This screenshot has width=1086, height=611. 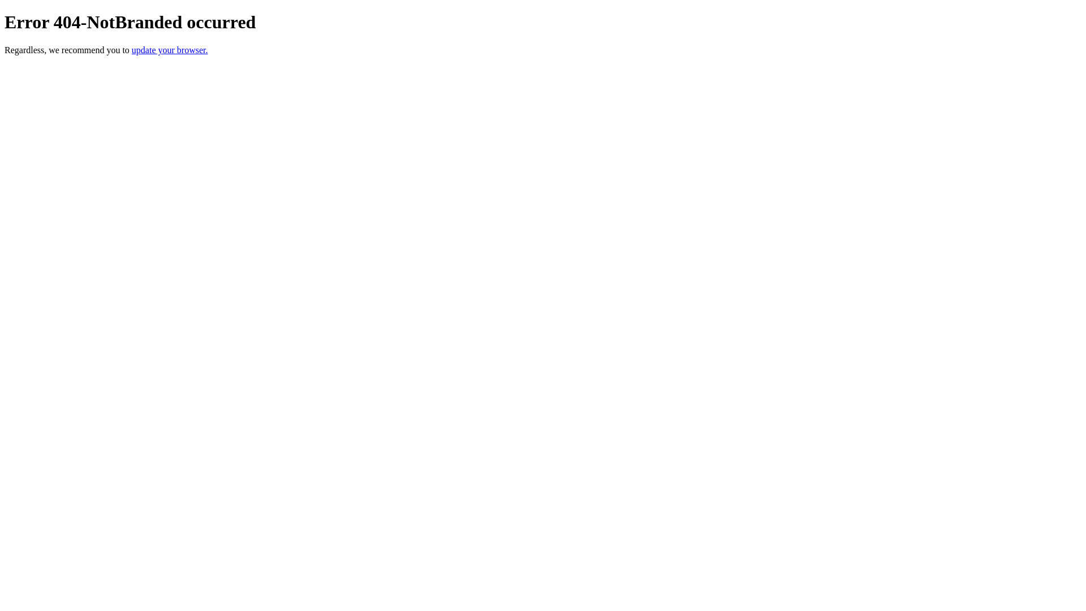 What do you see at coordinates (169, 49) in the screenshot?
I see `'update your browser.'` at bounding box center [169, 49].